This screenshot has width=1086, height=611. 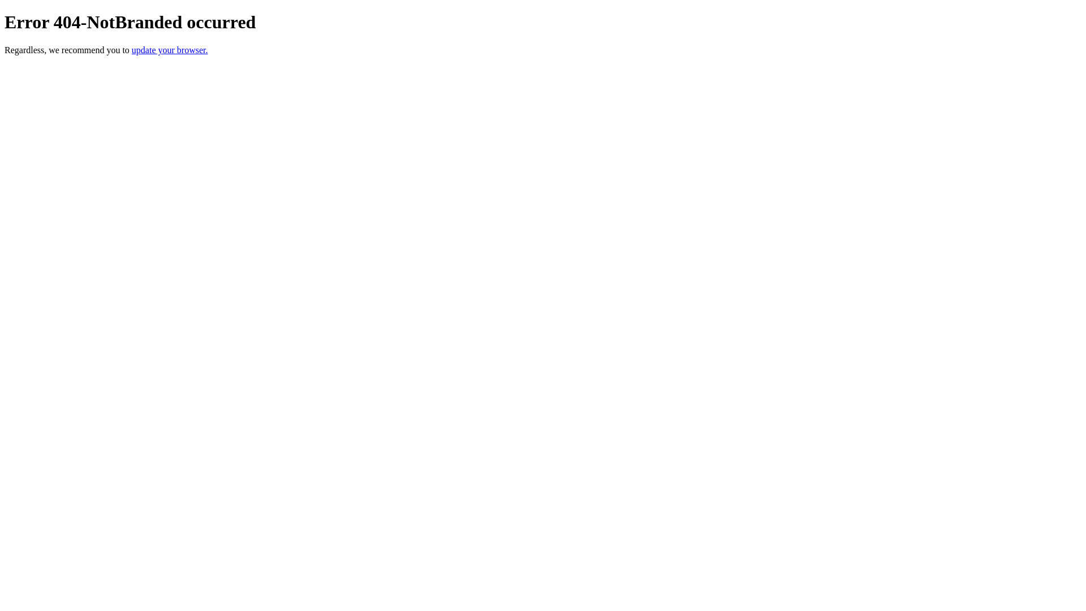 What do you see at coordinates (169, 49) in the screenshot?
I see `'update your browser.'` at bounding box center [169, 49].